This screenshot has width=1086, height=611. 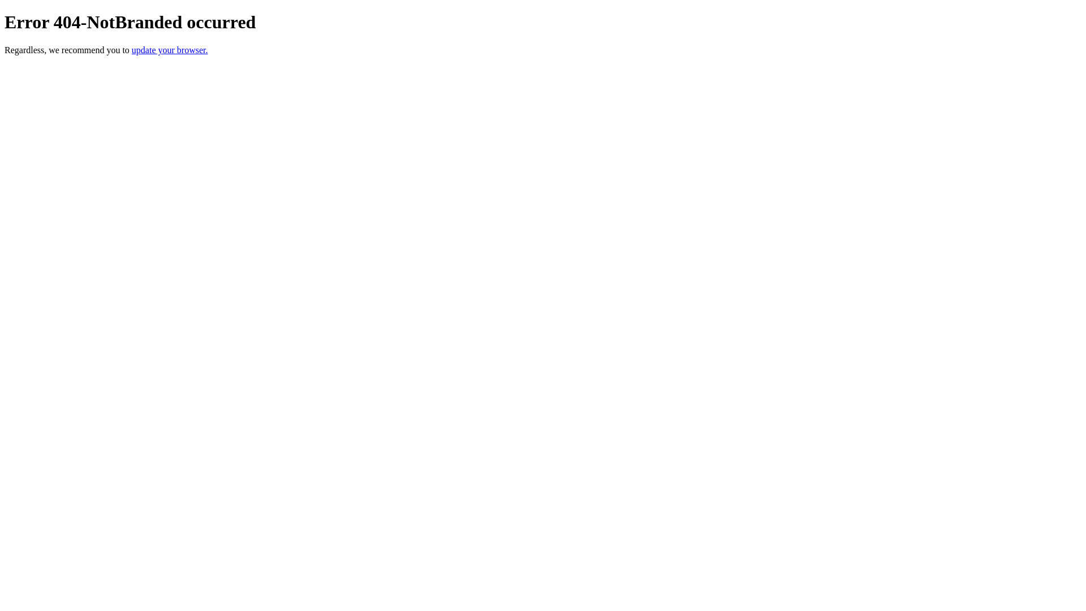 What do you see at coordinates (169, 49) in the screenshot?
I see `'update your browser.'` at bounding box center [169, 49].